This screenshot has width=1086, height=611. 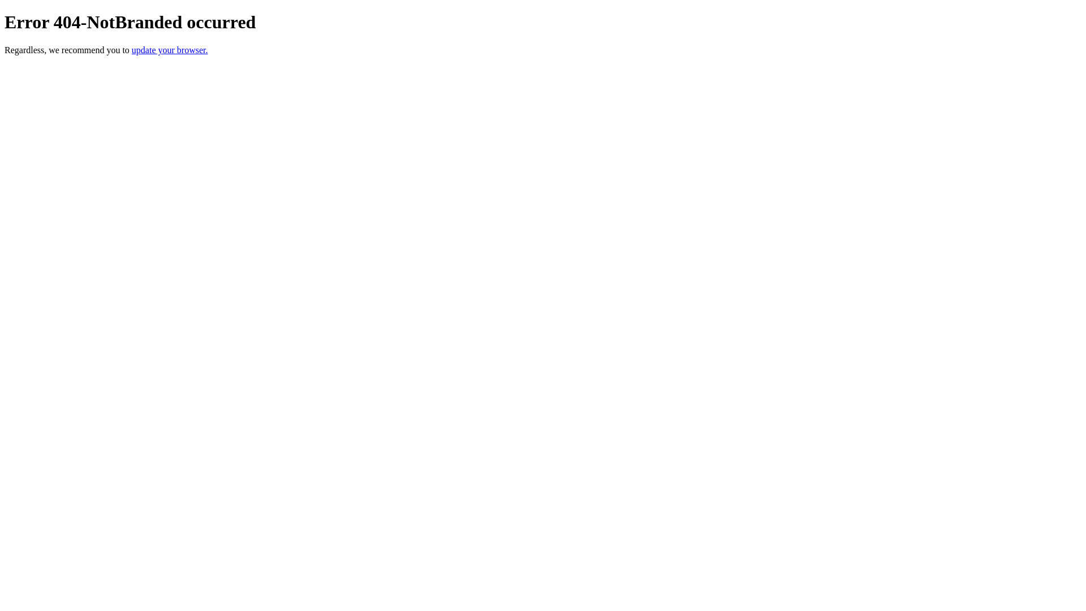 What do you see at coordinates (169, 49) in the screenshot?
I see `'update your browser.'` at bounding box center [169, 49].